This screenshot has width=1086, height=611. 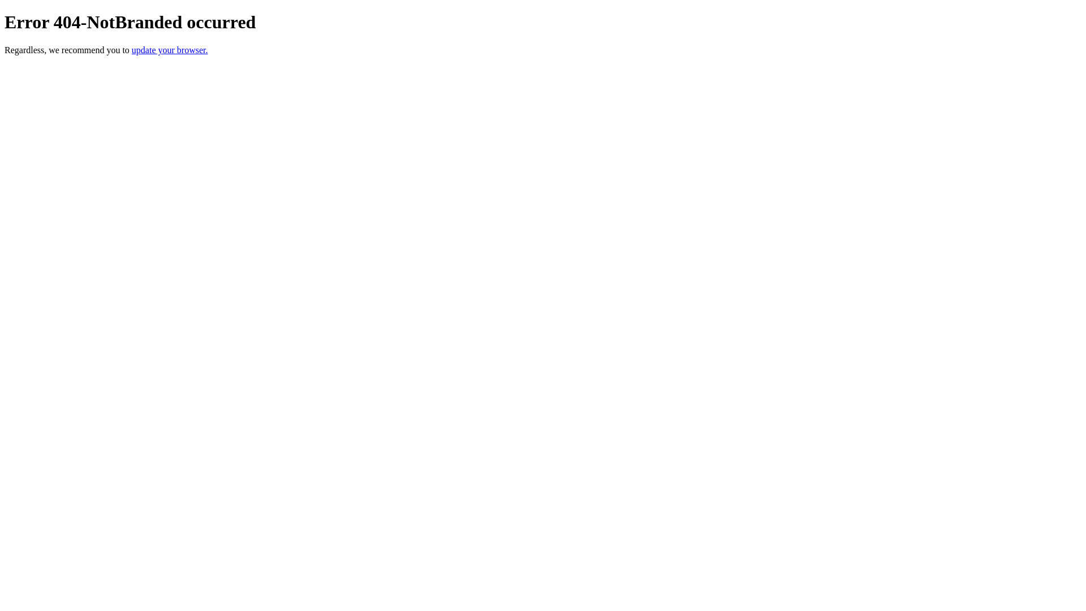 What do you see at coordinates (169, 49) in the screenshot?
I see `'update your browser.'` at bounding box center [169, 49].